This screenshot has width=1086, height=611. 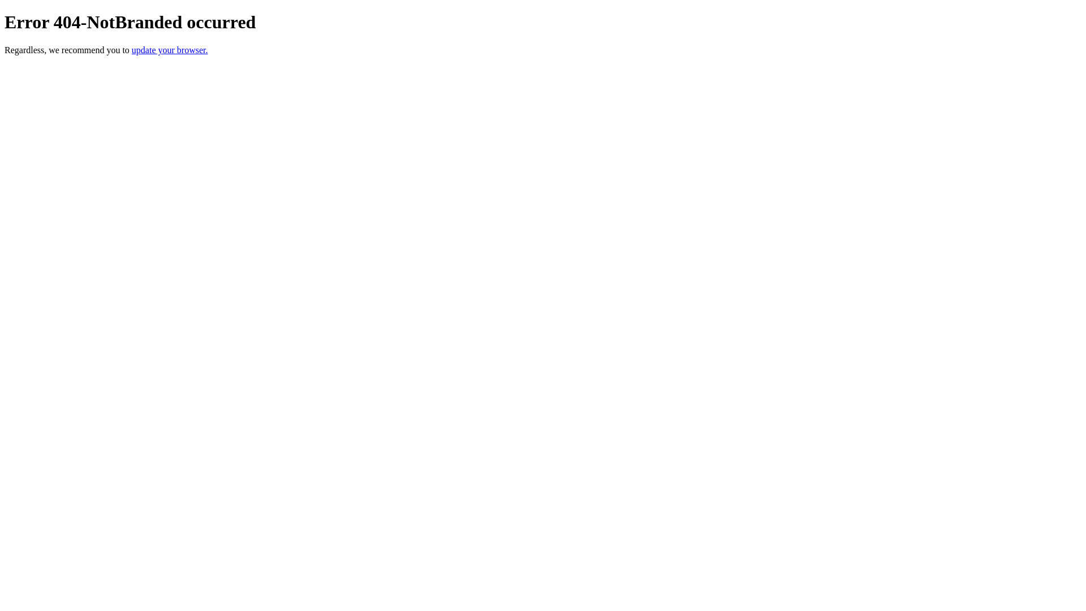 What do you see at coordinates (169, 49) in the screenshot?
I see `'update your browser.'` at bounding box center [169, 49].